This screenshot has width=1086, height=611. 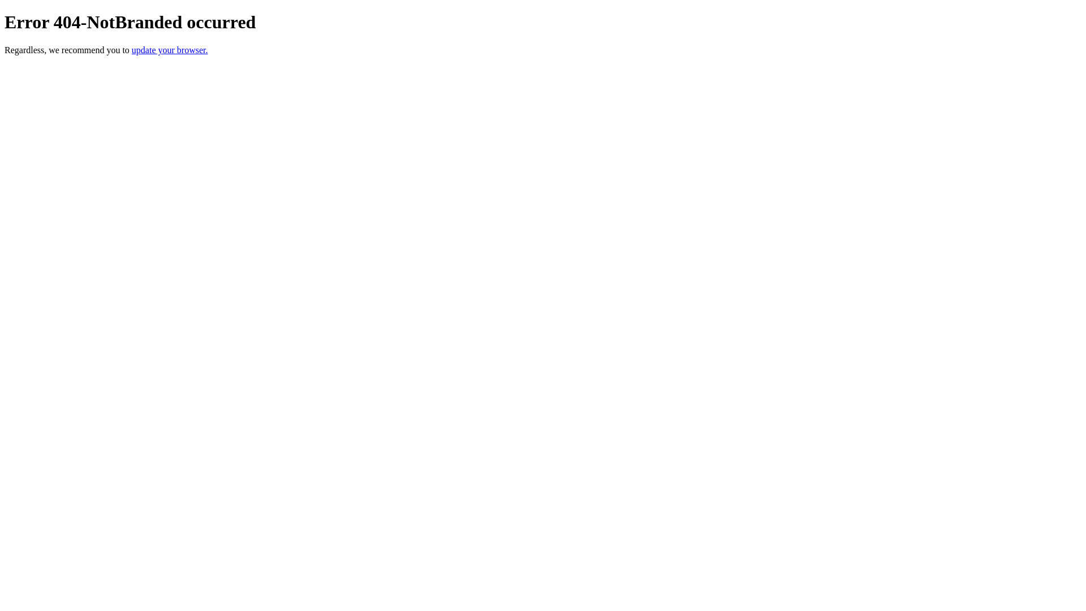 What do you see at coordinates (169, 49) in the screenshot?
I see `'update your browser.'` at bounding box center [169, 49].